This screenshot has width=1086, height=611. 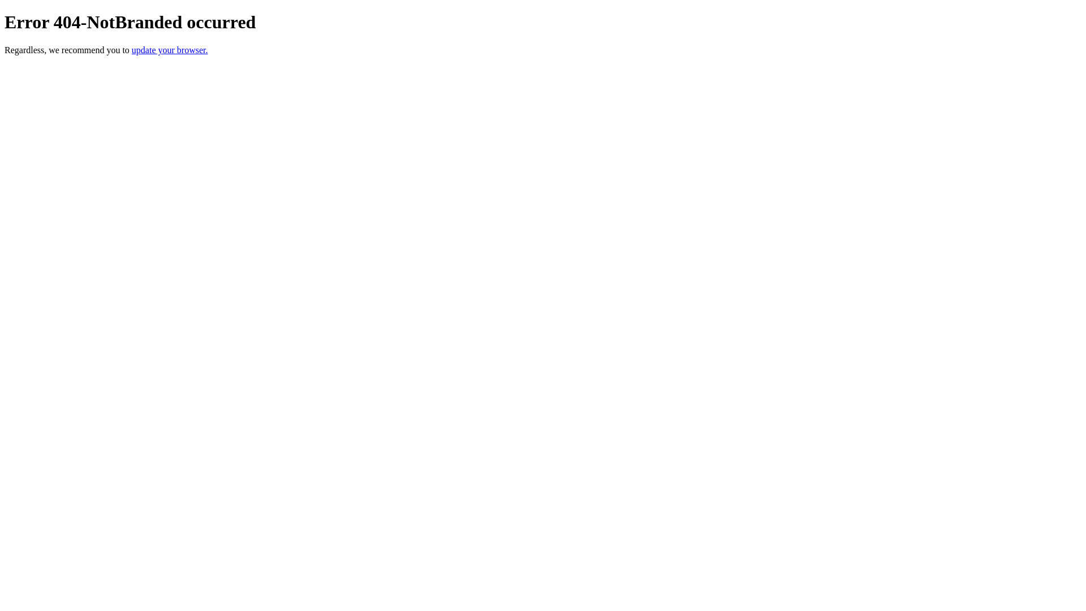 What do you see at coordinates (169, 49) in the screenshot?
I see `'update your browser.'` at bounding box center [169, 49].